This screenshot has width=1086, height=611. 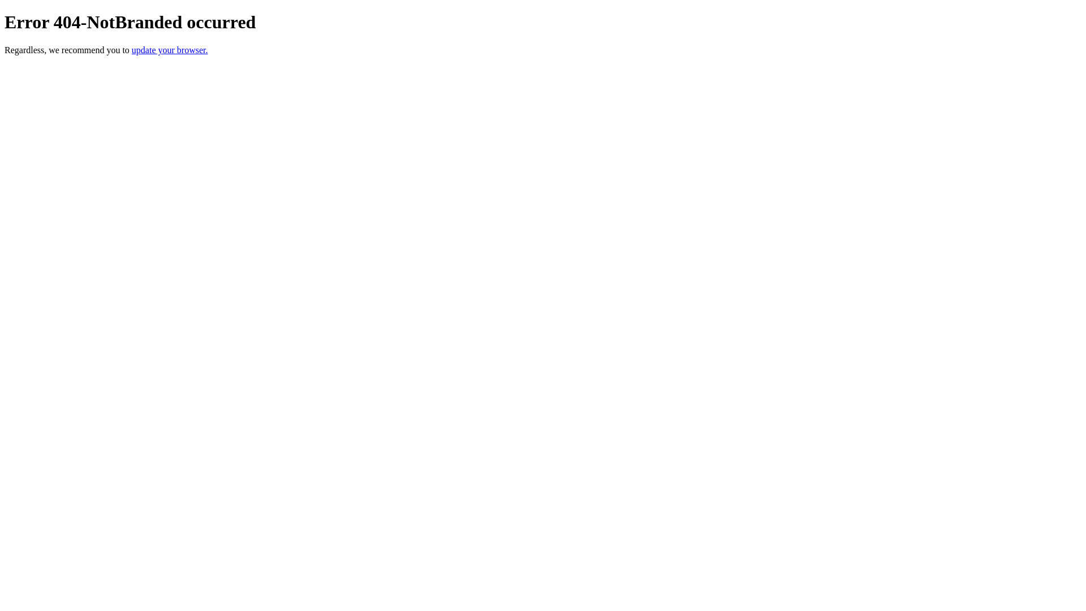 What do you see at coordinates (169, 49) in the screenshot?
I see `'update your browser.'` at bounding box center [169, 49].